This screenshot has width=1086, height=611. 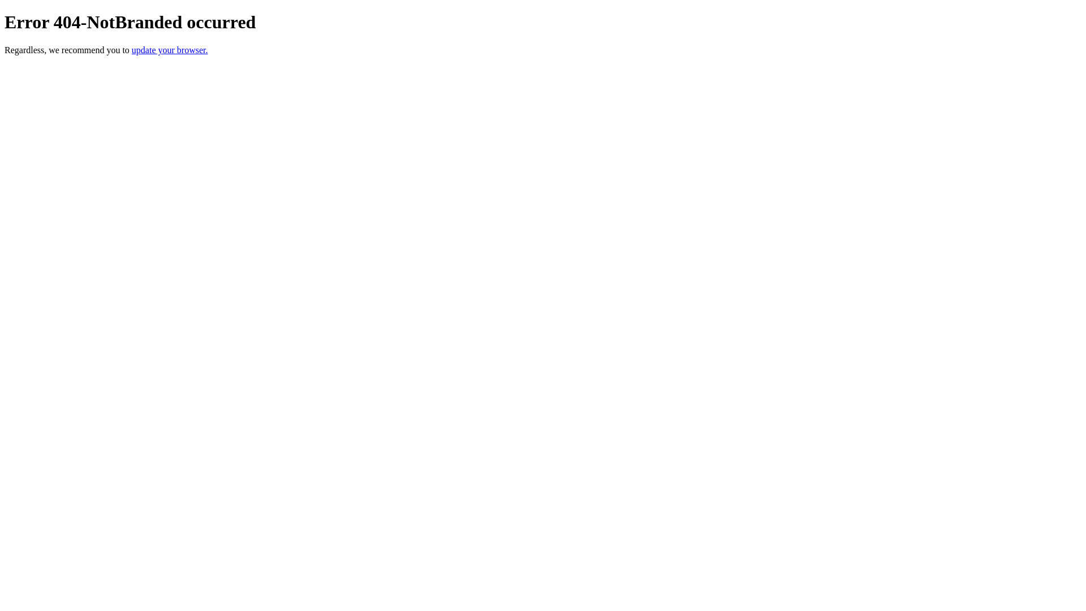 What do you see at coordinates (169, 49) in the screenshot?
I see `'update your browser.'` at bounding box center [169, 49].